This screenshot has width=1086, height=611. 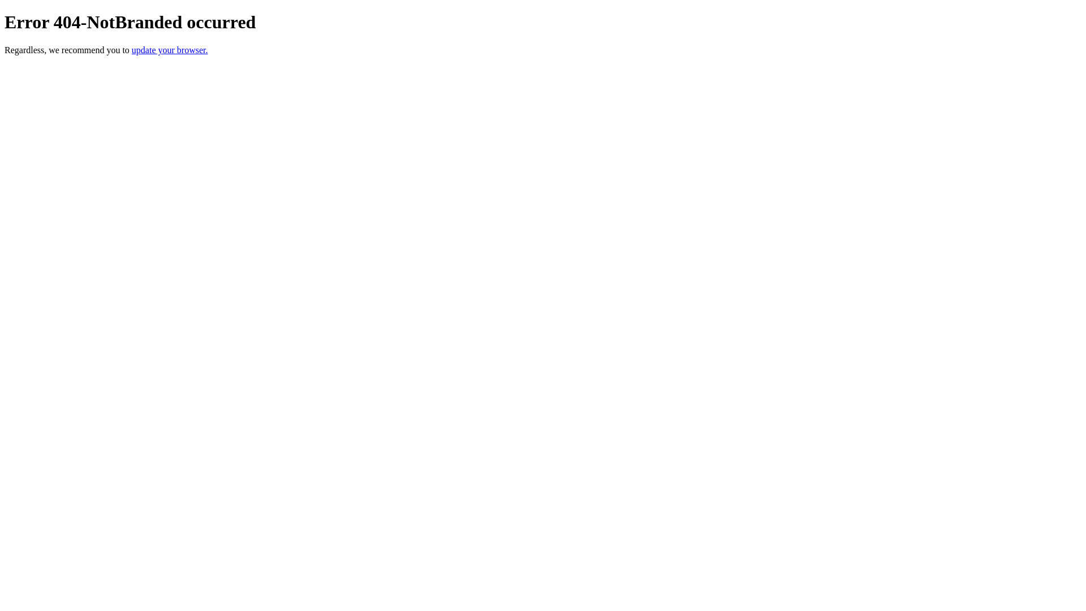 What do you see at coordinates (169, 49) in the screenshot?
I see `'update your browser.'` at bounding box center [169, 49].